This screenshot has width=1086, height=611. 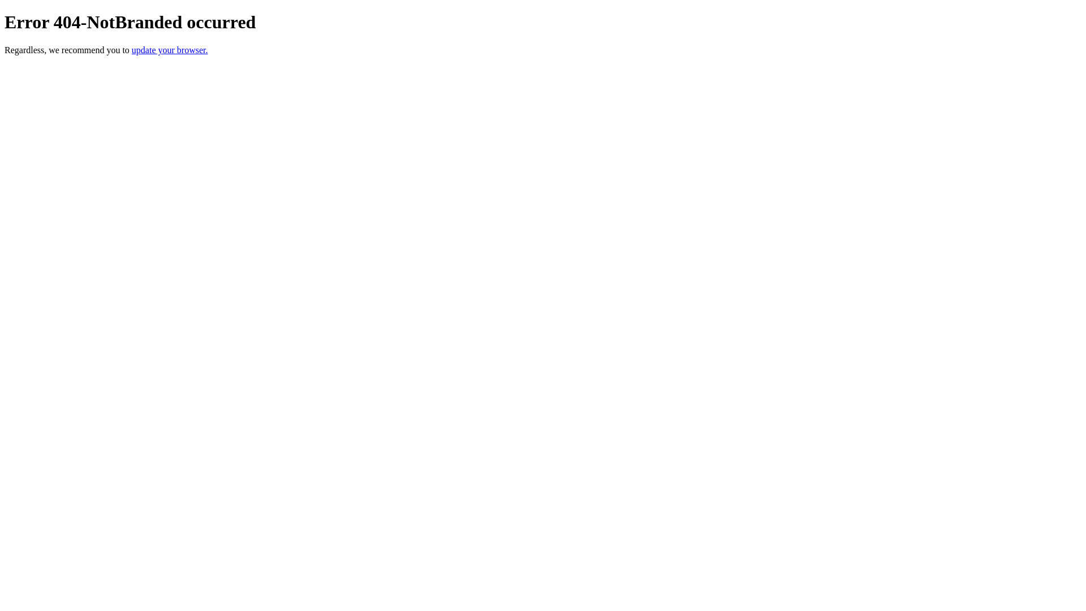 What do you see at coordinates (169, 49) in the screenshot?
I see `'update your browser.'` at bounding box center [169, 49].